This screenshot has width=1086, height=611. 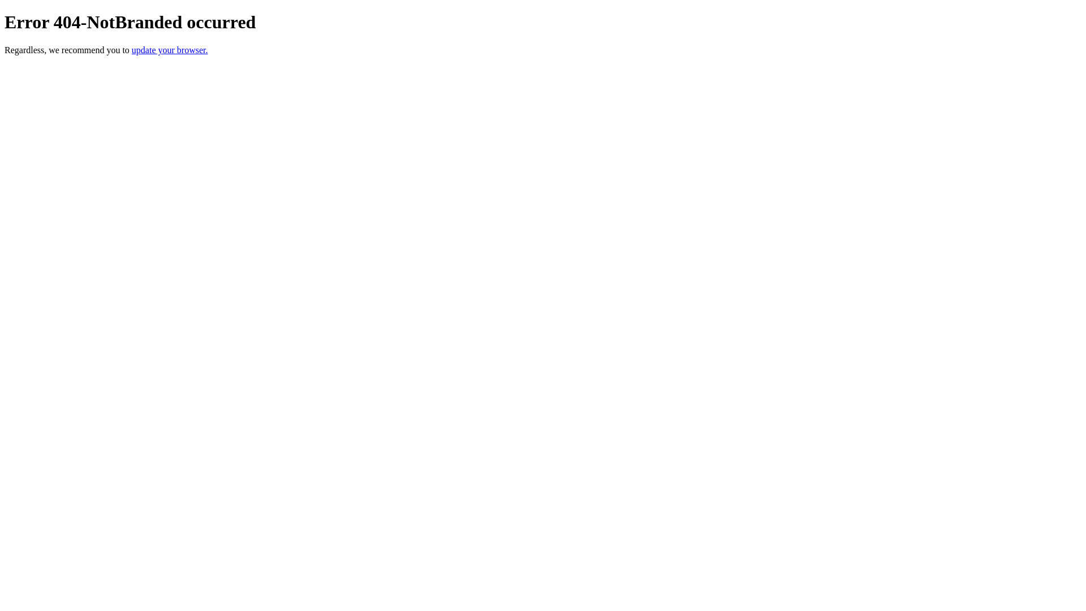 What do you see at coordinates (169, 49) in the screenshot?
I see `'update your browser.'` at bounding box center [169, 49].